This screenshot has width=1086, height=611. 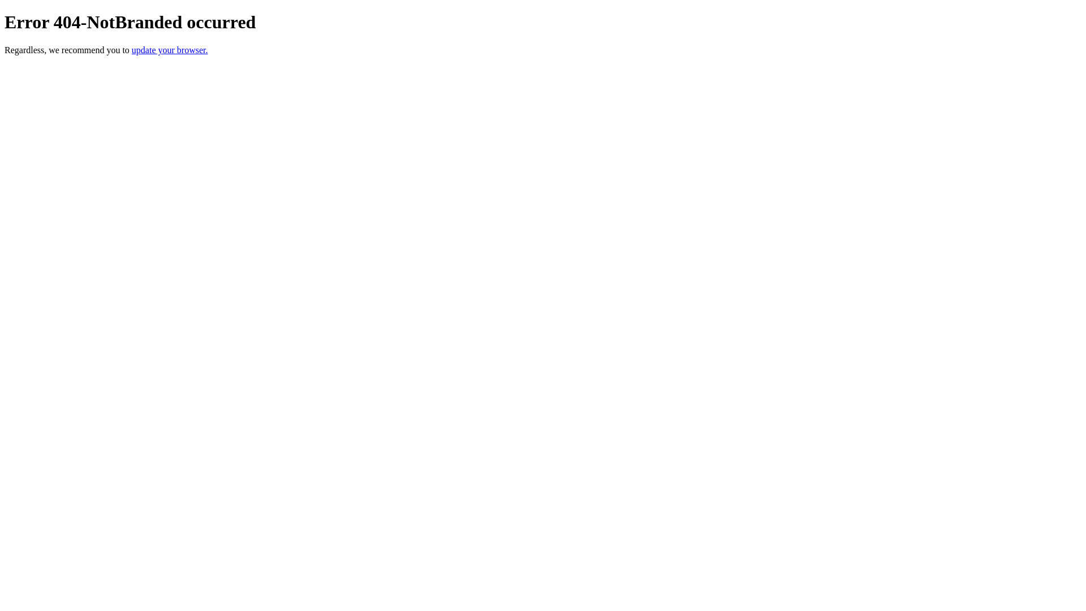 What do you see at coordinates (169, 49) in the screenshot?
I see `'update your browser.'` at bounding box center [169, 49].